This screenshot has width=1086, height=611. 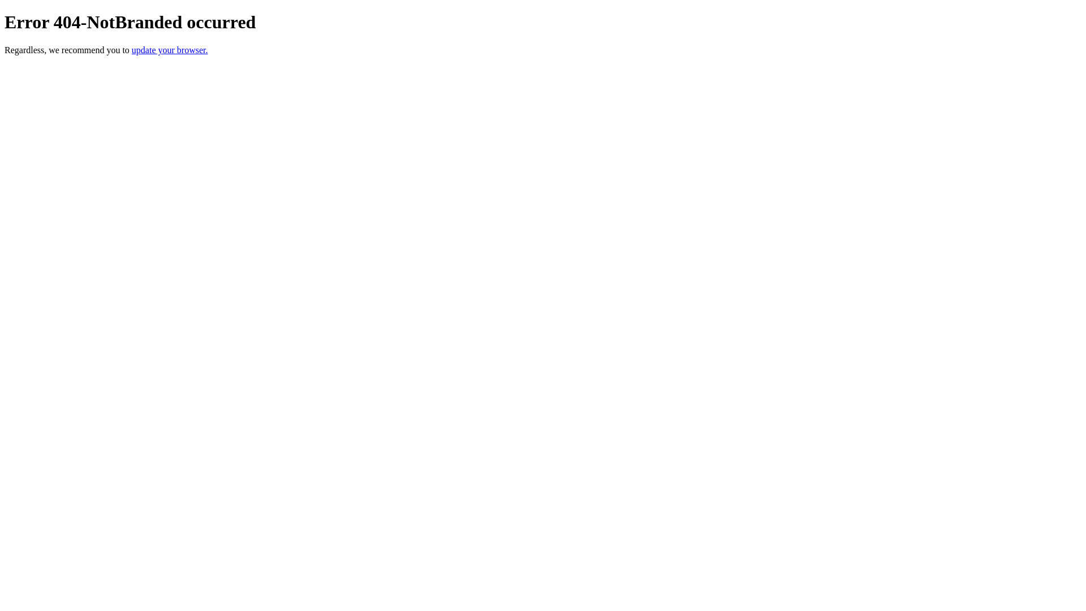 What do you see at coordinates (169, 49) in the screenshot?
I see `'update your browser.'` at bounding box center [169, 49].